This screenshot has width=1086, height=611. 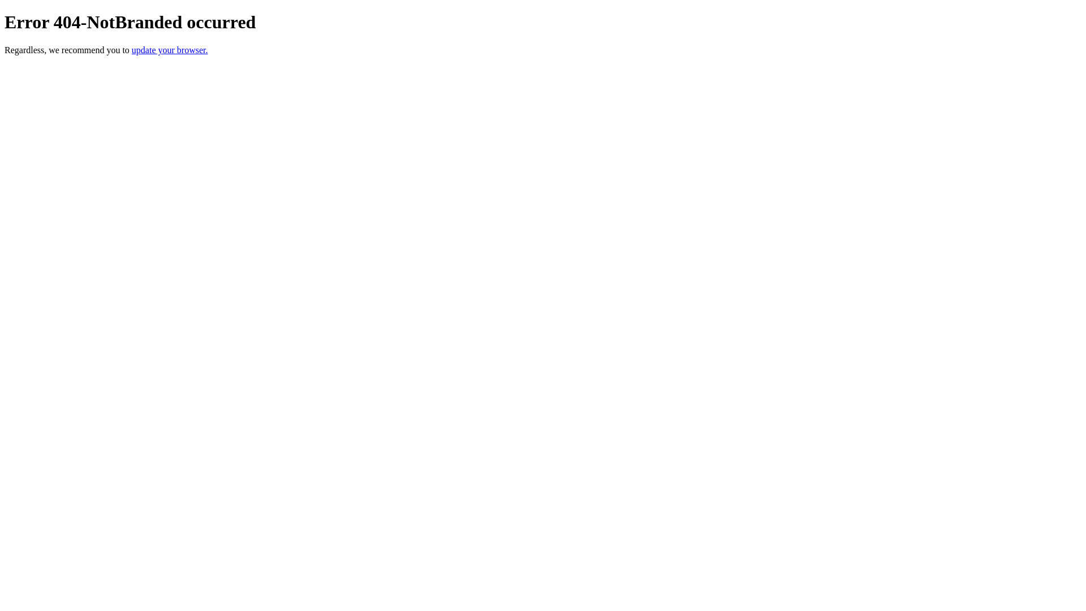 What do you see at coordinates (169, 49) in the screenshot?
I see `'update your browser.'` at bounding box center [169, 49].